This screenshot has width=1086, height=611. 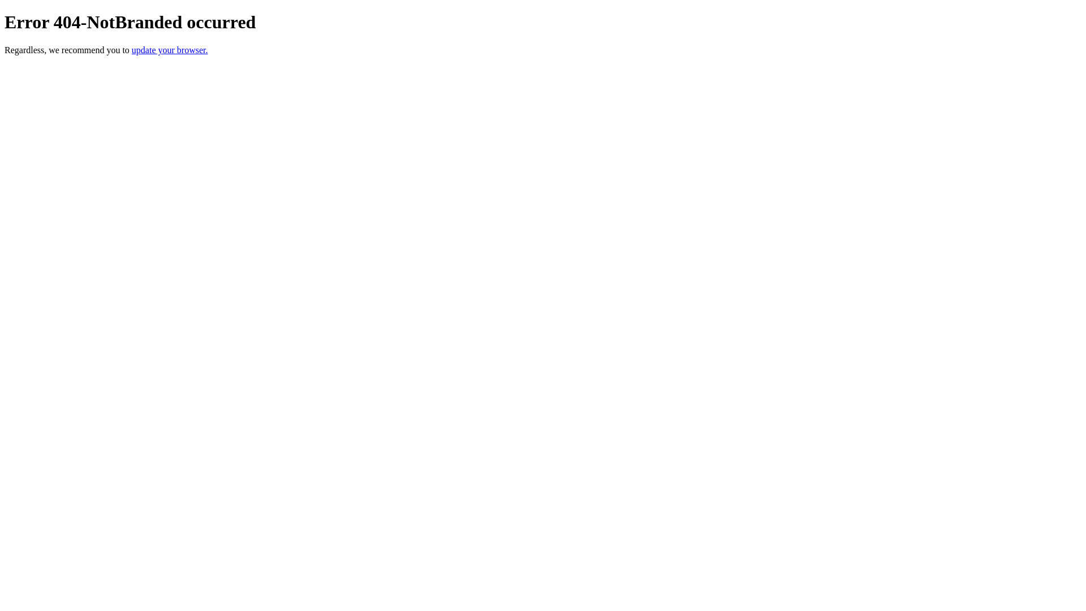 What do you see at coordinates (169, 49) in the screenshot?
I see `'update your browser.'` at bounding box center [169, 49].